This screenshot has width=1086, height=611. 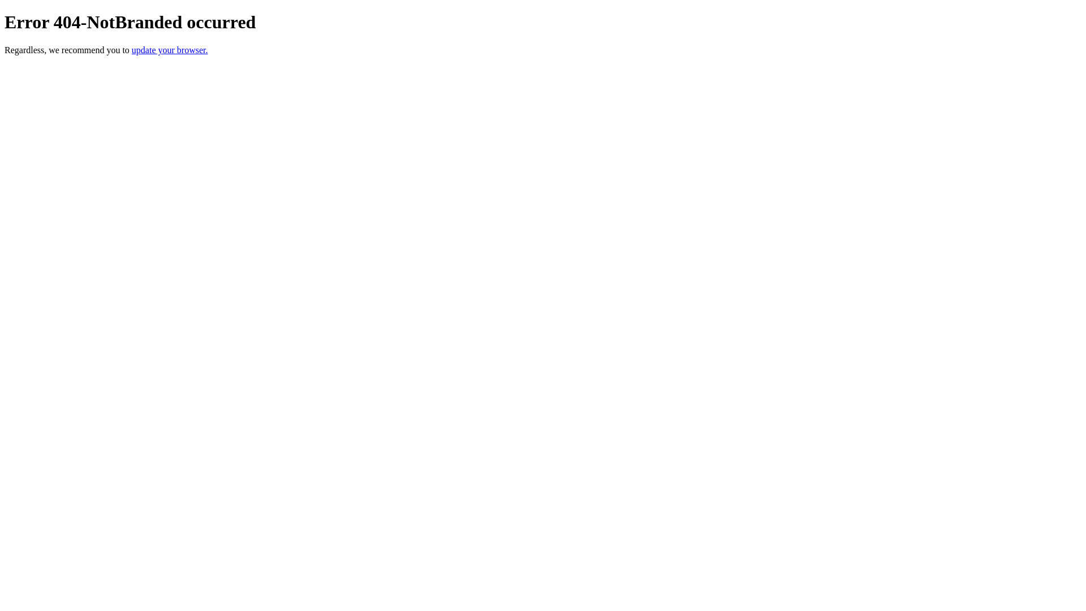 What do you see at coordinates (169, 49) in the screenshot?
I see `'update your browser.'` at bounding box center [169, 49].